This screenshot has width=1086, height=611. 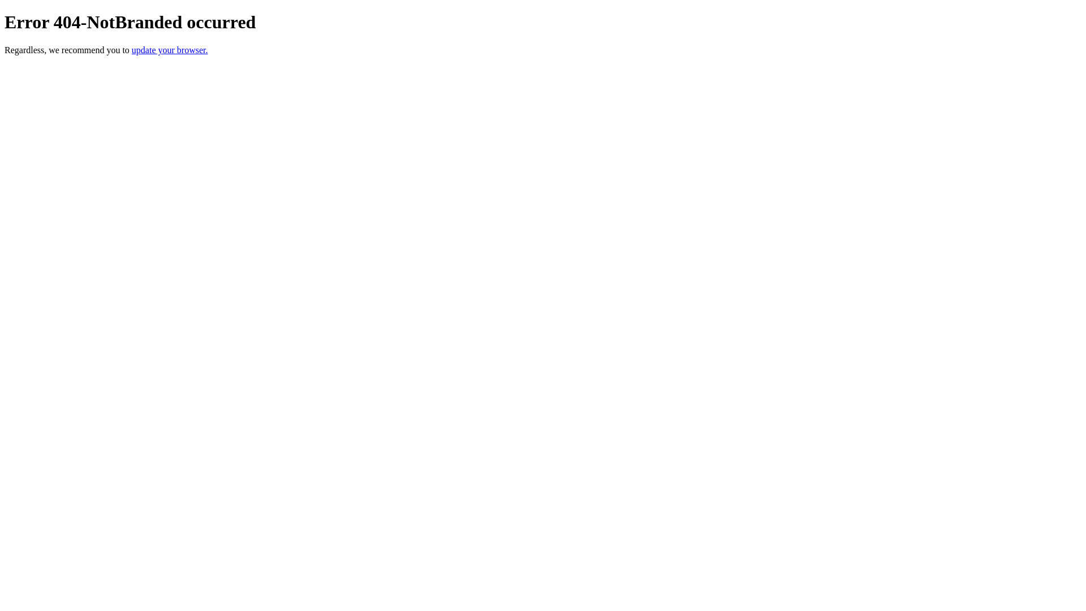 What do you see at coordinates (169, 49) in the screenshot?
I see `'update your browser.'` at bounding box center [169, 49].